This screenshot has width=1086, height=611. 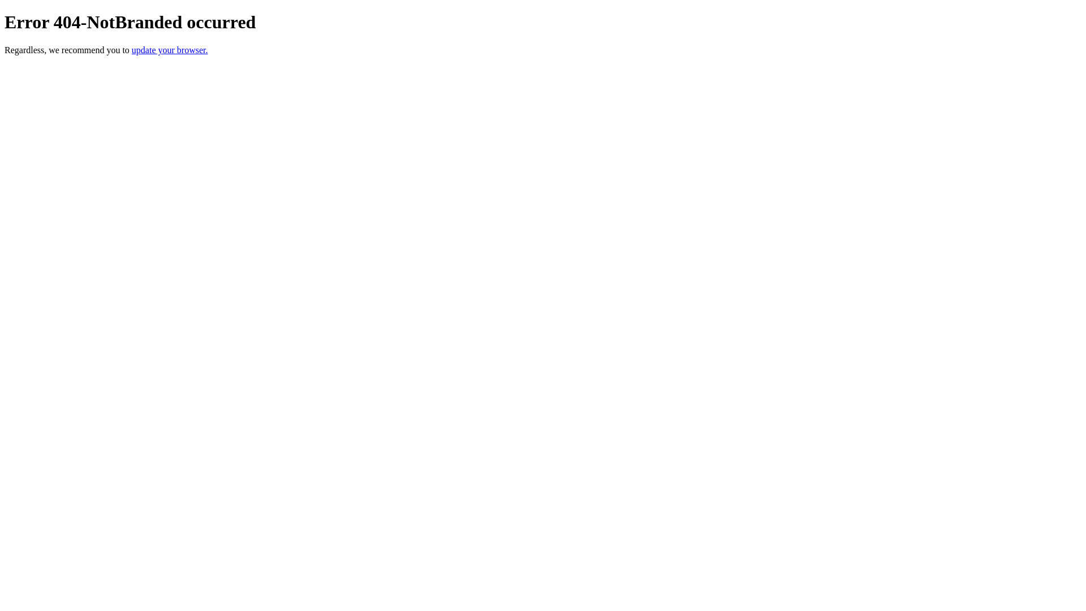 What do you see at coordinates (169, 49) in the screenshot?
I see `'update your browser.'` at bounding box center [169, 49].